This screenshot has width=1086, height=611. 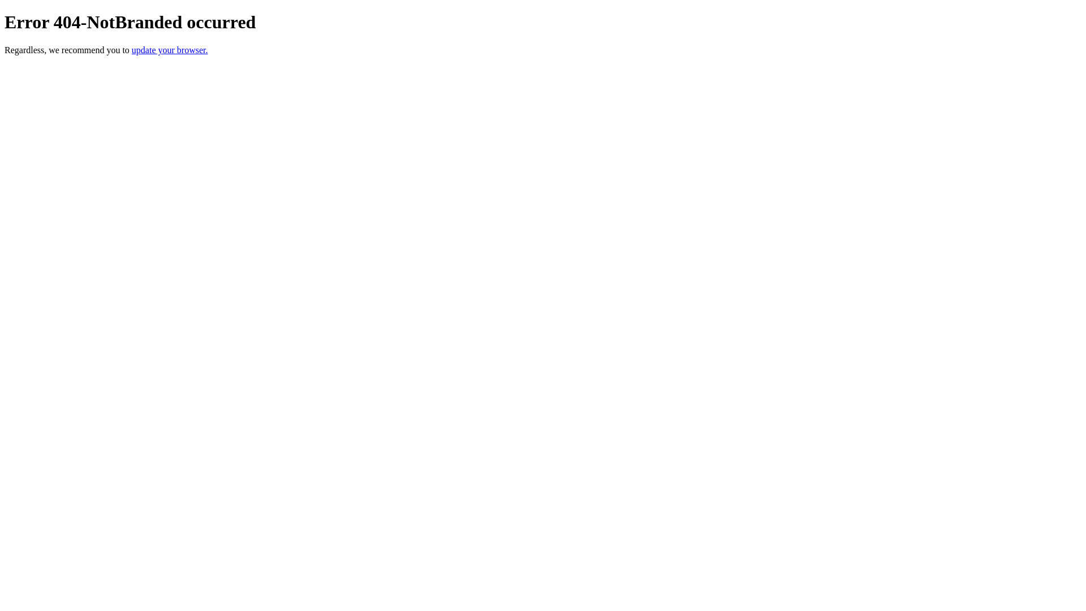 What do you see at coordinates (169, 49) in the screenshot?
I see `'update your browser.'` at bounding box center [169, 49].